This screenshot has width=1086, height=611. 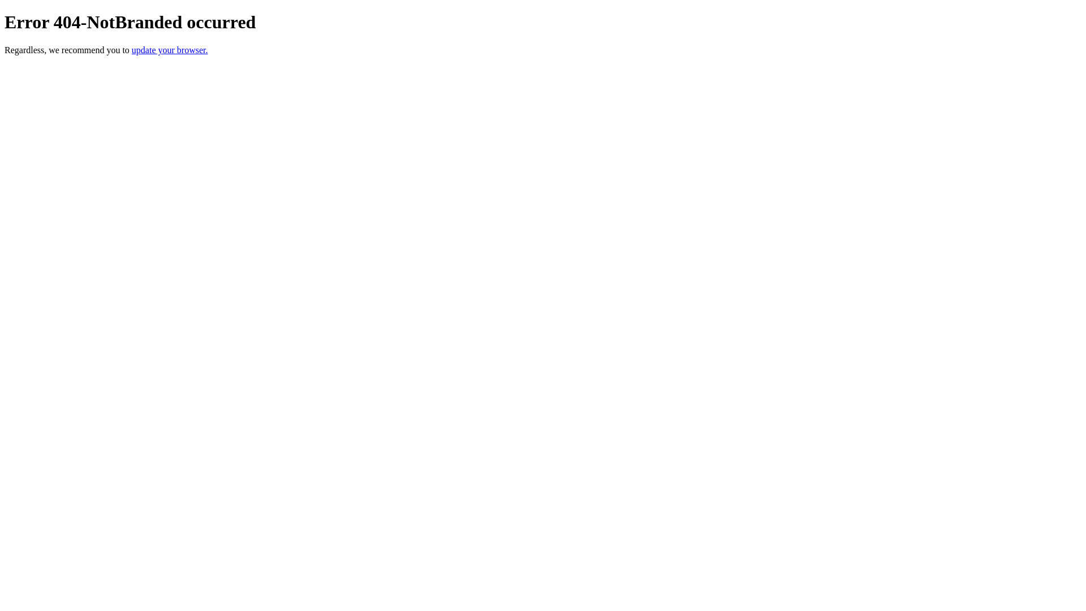 What do you see at coordinates (169, 49) in the screenshot?
I see `'update your browser.'` at bounding box center [169, 49].